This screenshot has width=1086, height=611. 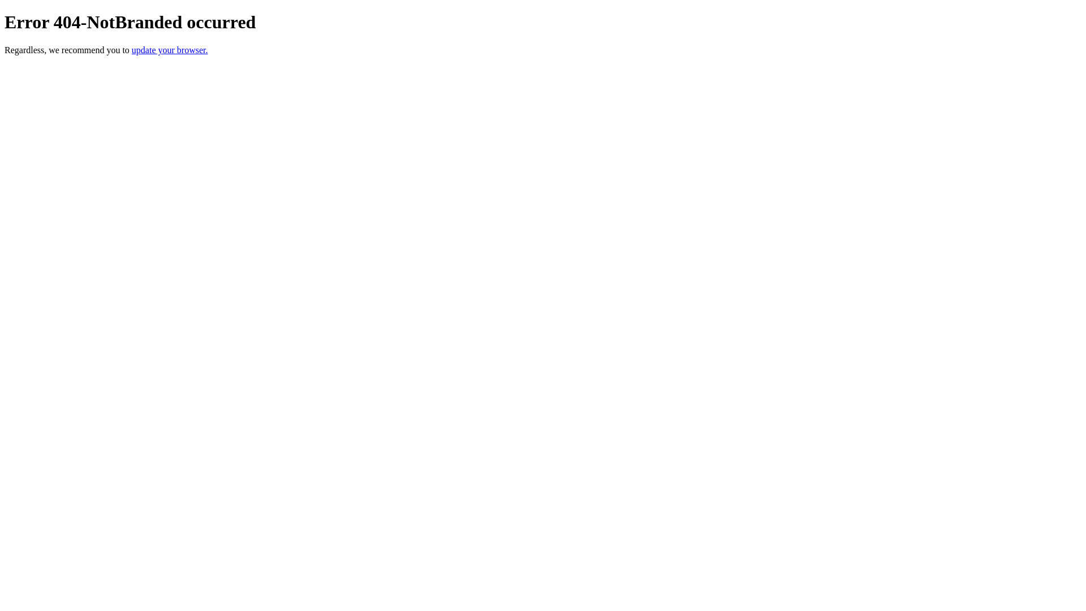 What do you see at coordinates (169, 49) in the screenshot?
I see `'update your browser.'` at bounding box center [169, 49].